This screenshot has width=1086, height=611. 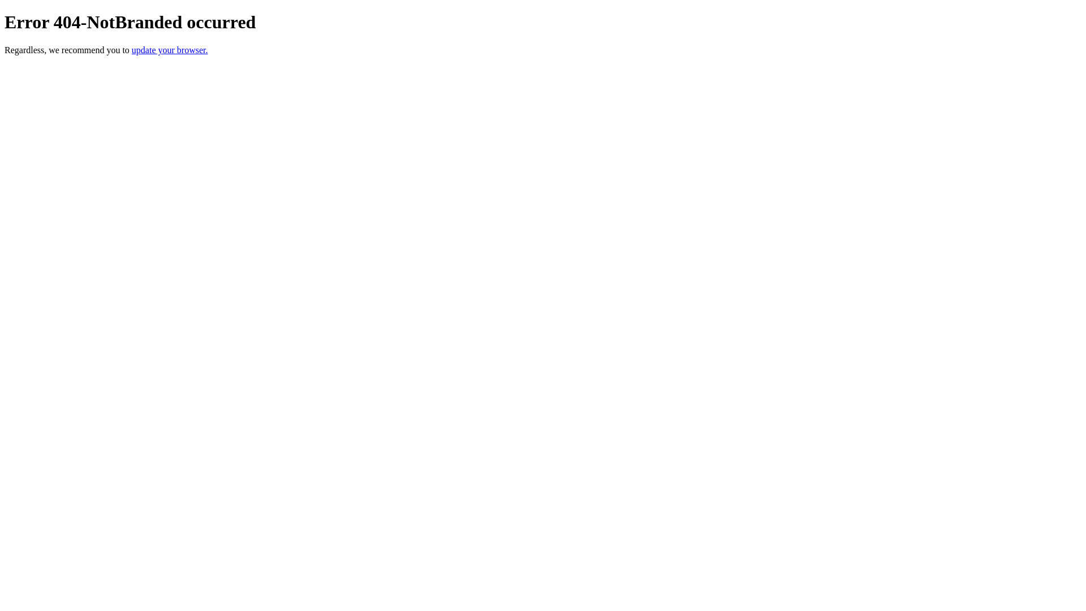 What do you see at coordinates (169, 49) in the screenshot?
I see `'update your browser.'` at bounding box center [169, 49].